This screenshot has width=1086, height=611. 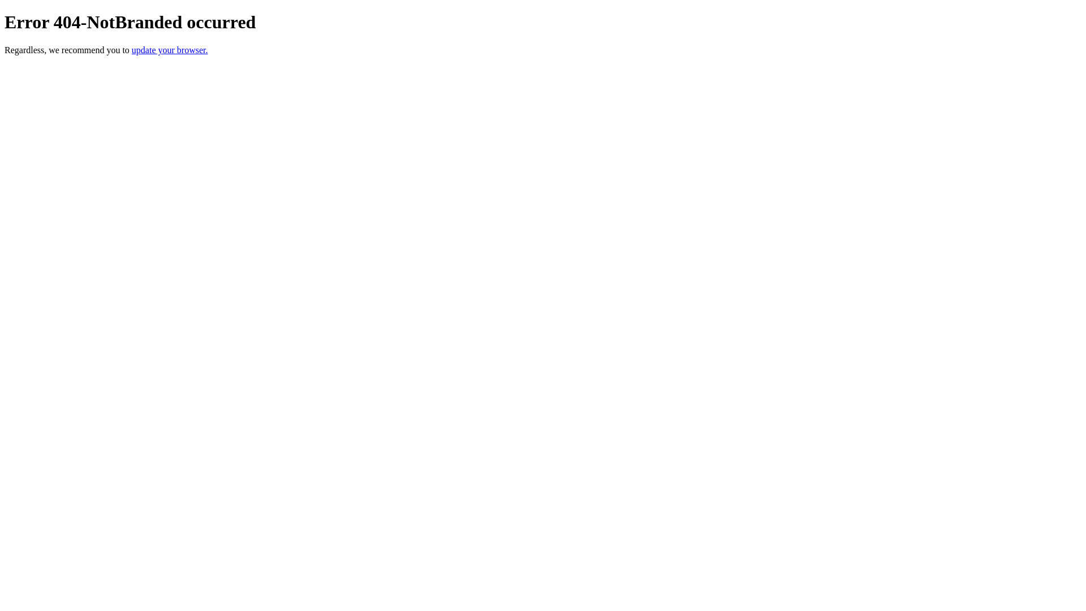 What do you see at coordinates (169, 49) in the screenshot?
I see `'update your browser.'` at bounding box center [169, 49].